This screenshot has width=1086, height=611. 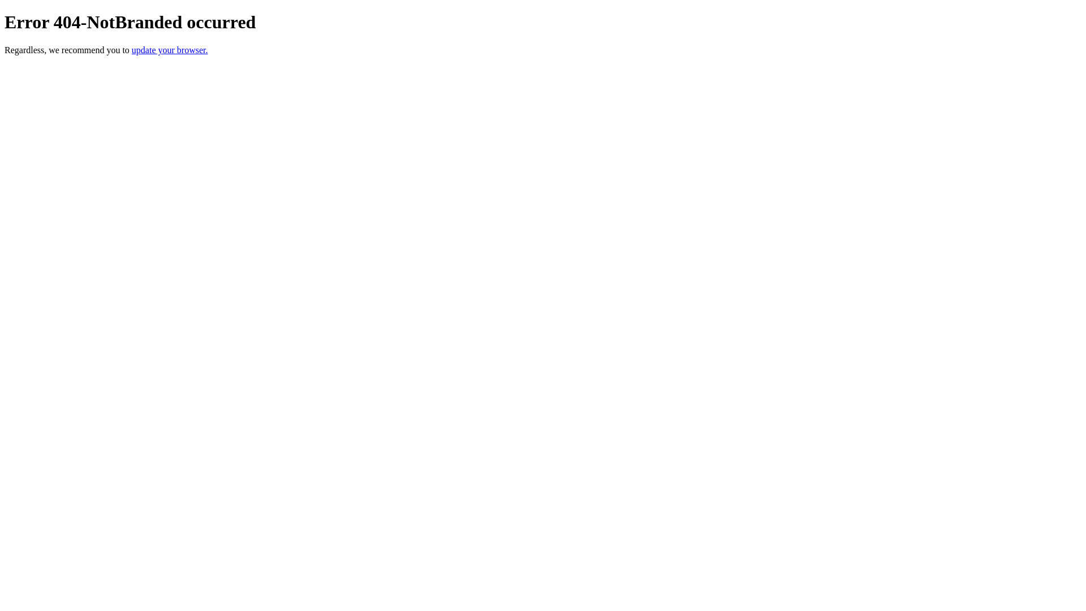 What do you see at coordinates (169, 49) in the screenshot?
I see `'update your browser.'` at bounding box center [169, 49].